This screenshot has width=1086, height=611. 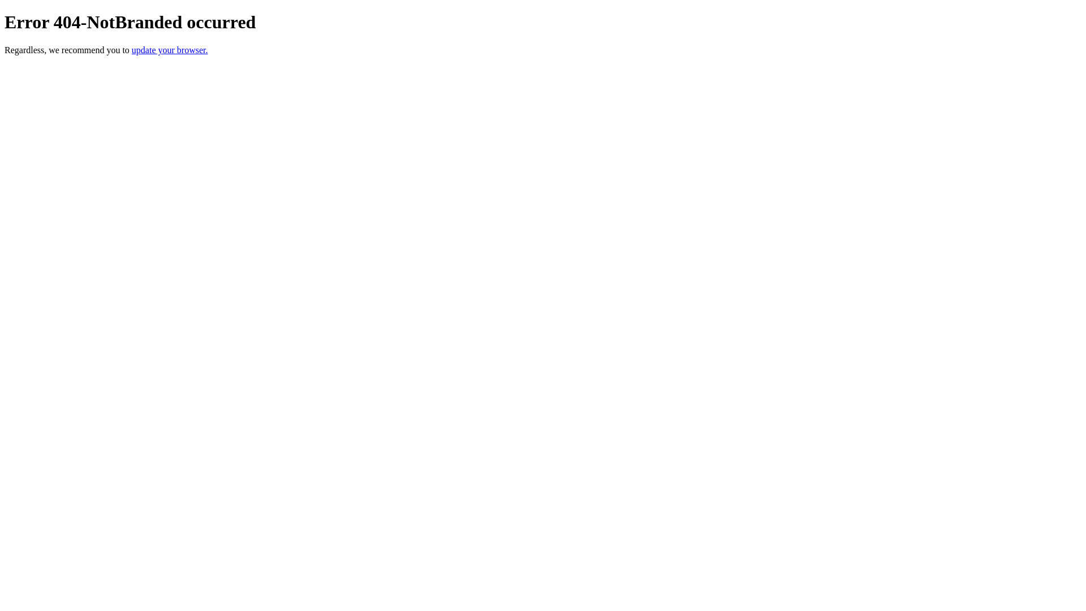 What do you see at coordinates (169, 49) in the screenshot?
I see `'update your browser.'` at bounding box center [169, 49].